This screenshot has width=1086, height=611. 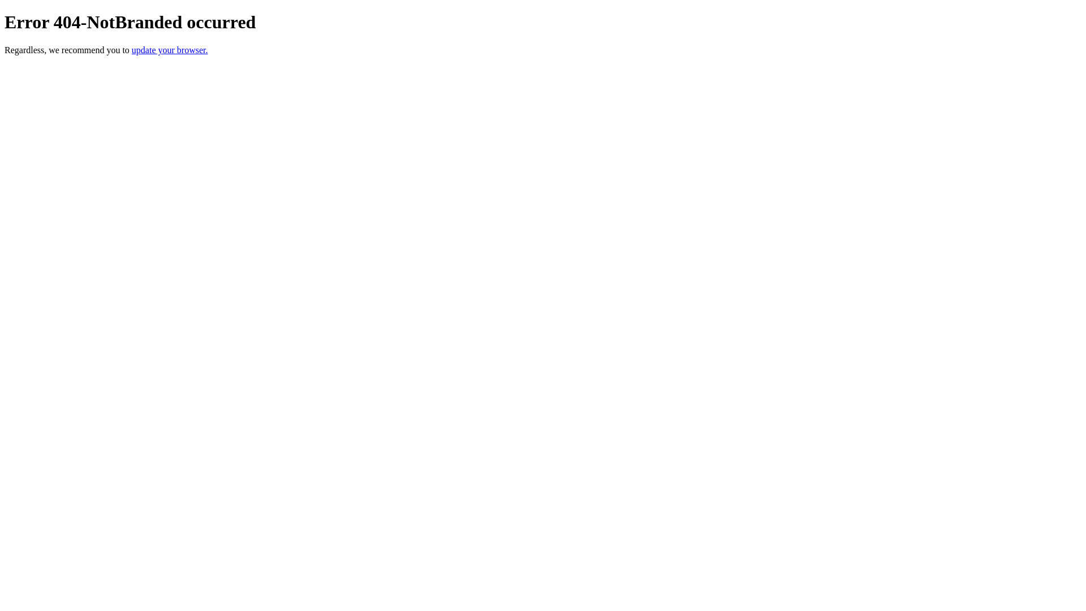 What do you see at coordinates (169, 49) in the screenshot?
I see `'update your browser.'` at bounding box center [169, 49].